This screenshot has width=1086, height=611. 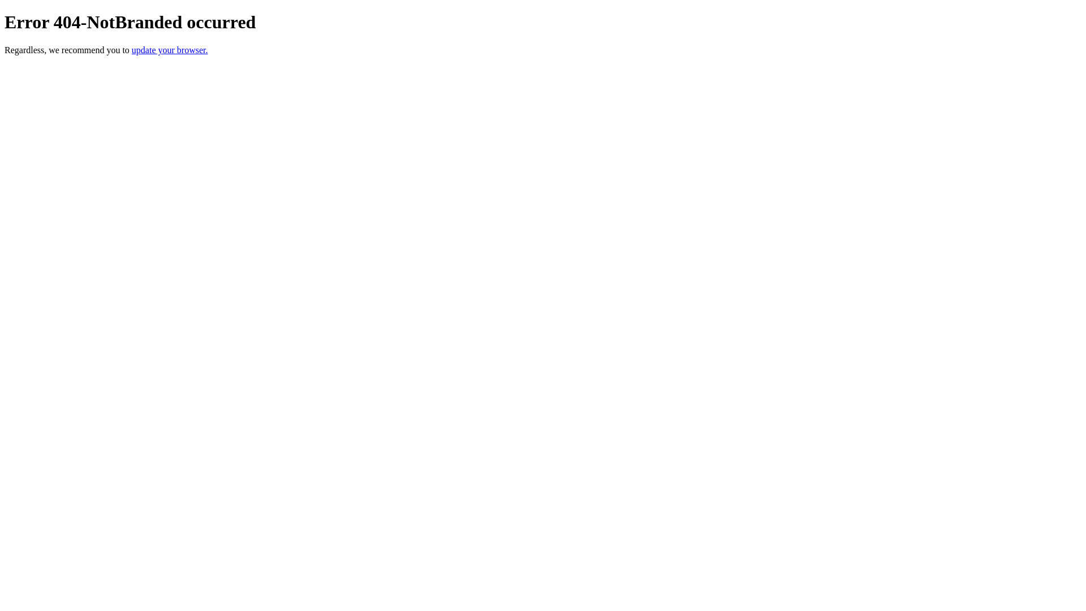 What do you see at coordinates (169, 49) in the screenshot?
I see `'update your browser.'` at bounding box center [169, 49].